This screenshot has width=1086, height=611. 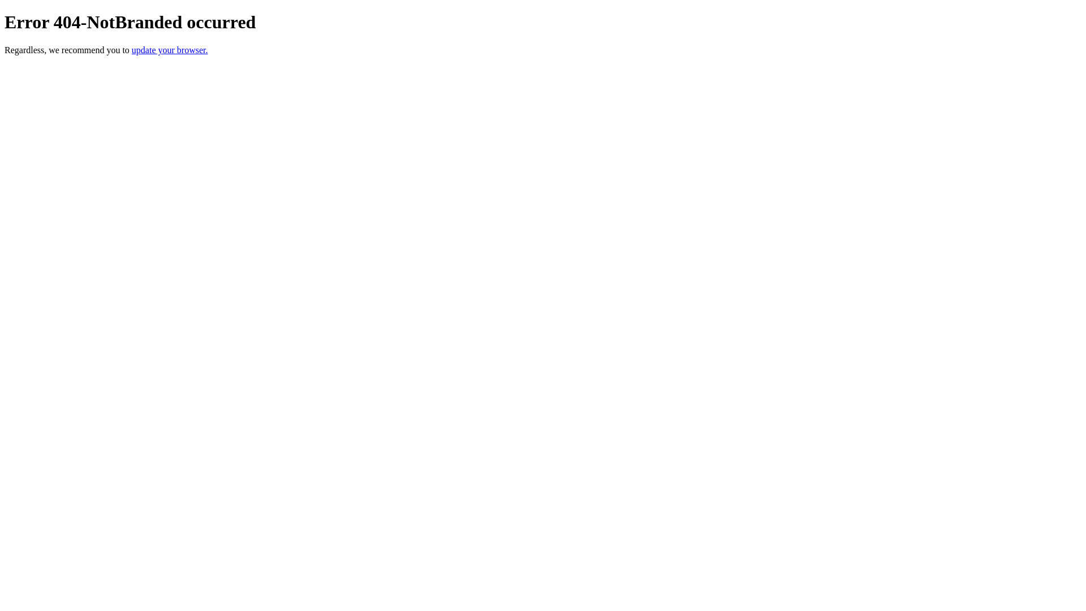 What do you see at coordinates (169, 49) in the screenshot?
I see `'update your browser.'` at bounding box center [169, 49].